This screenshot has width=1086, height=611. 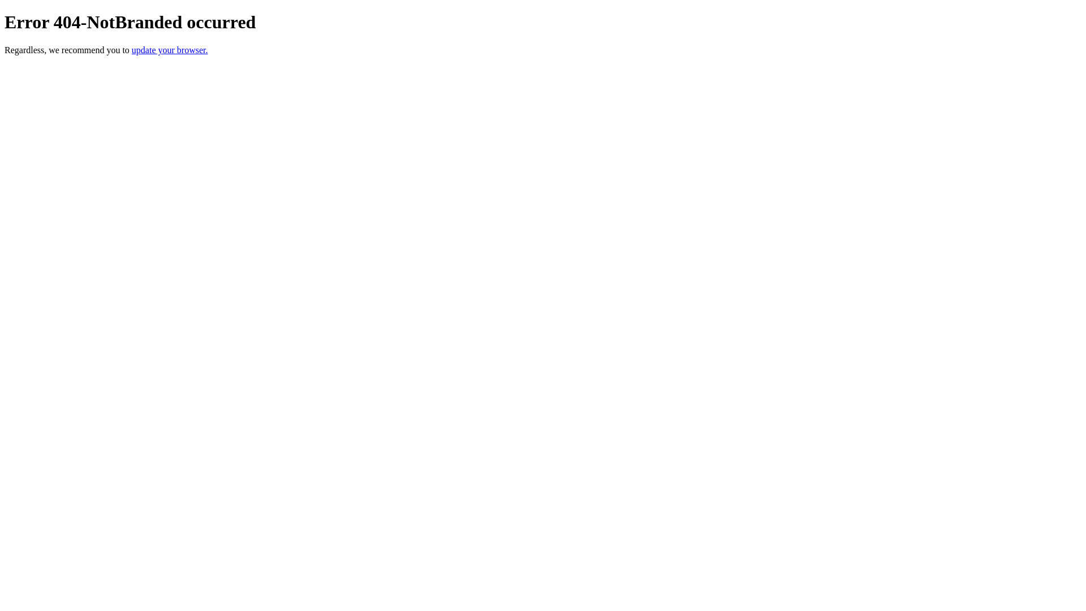 What do you see at coordinates (169, 49) in the screenshot?
I see `'update your browser.'` at bounding box center [169, 49].